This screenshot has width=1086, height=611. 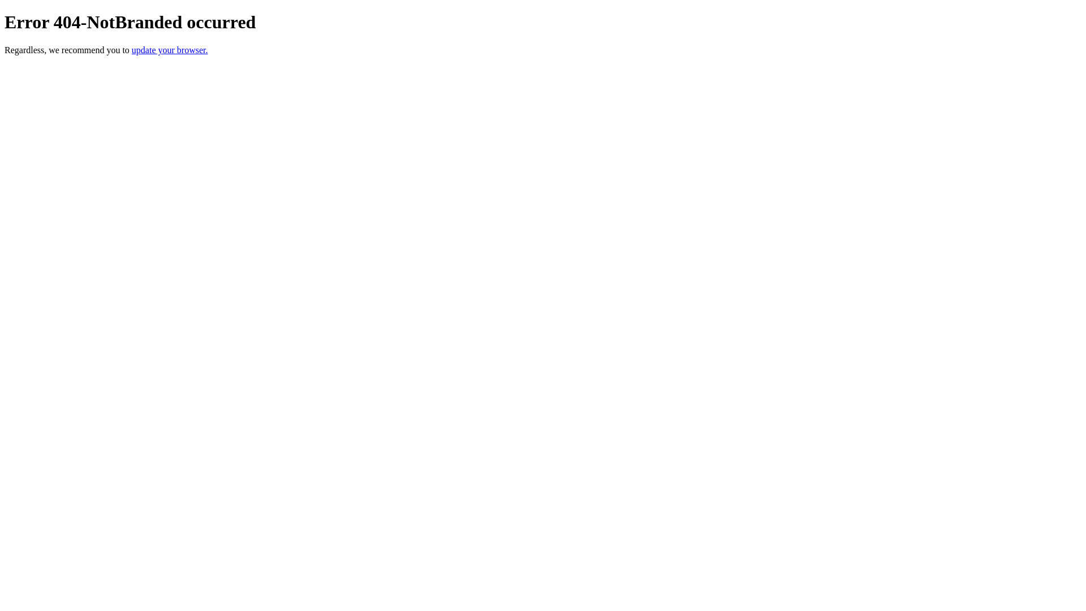 What do you see at coordinates (169, 49) in the screenshot?
I see `'update your browser.'` at bounding box center [169, 49].